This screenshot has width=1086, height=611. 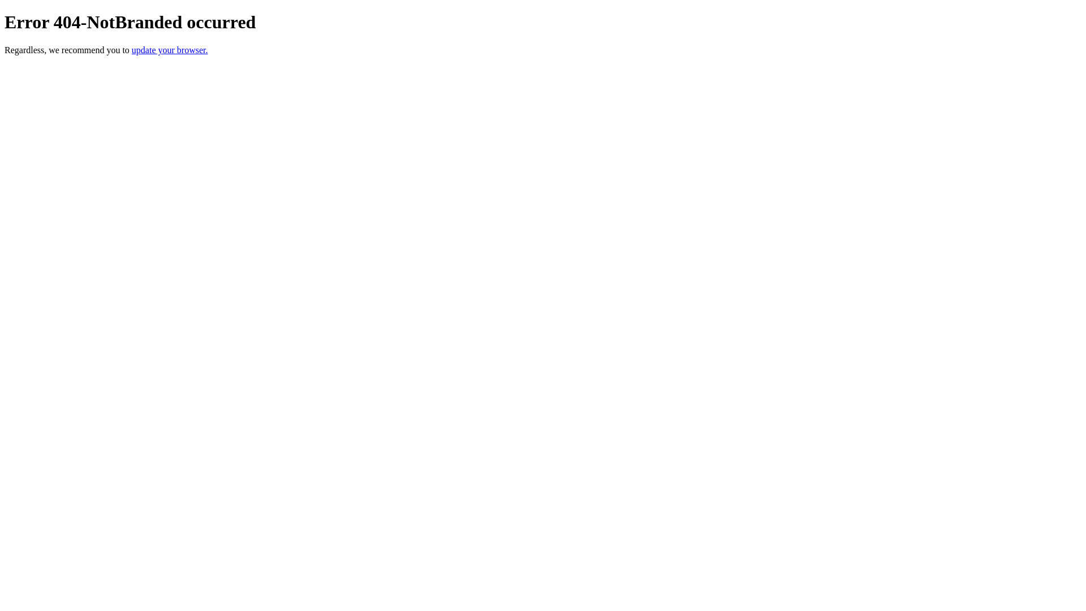 What do you see at coordinates (169, 49) in the screenshot?
I see `'update your browser.'` at bounding box center [169, 49].